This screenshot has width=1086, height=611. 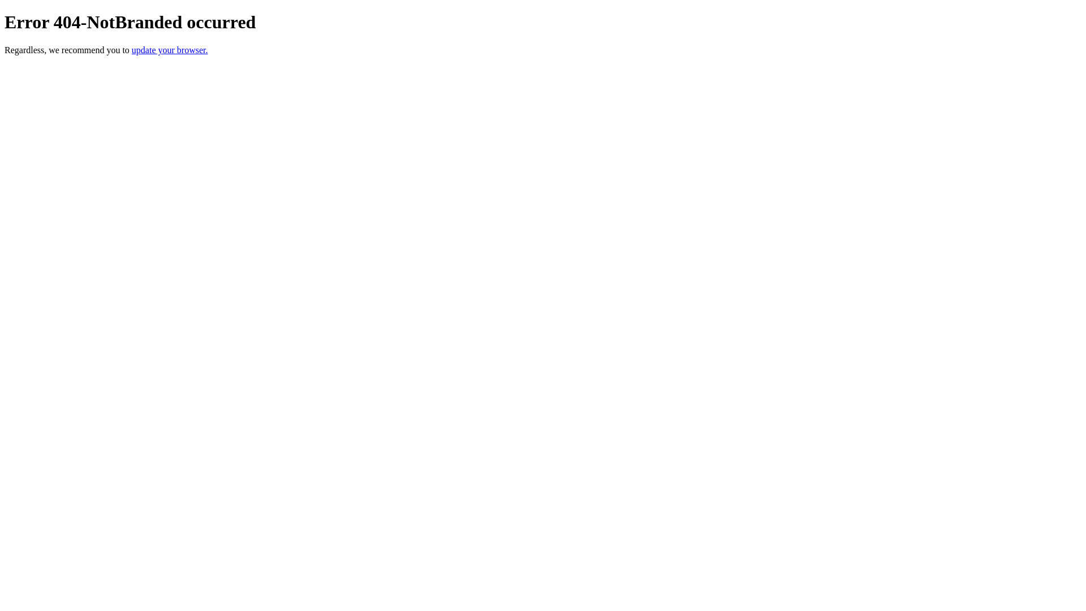 What do you see at coordinates (169, 49) in the screenshot?
I see `'update your browser.'` at bounding box center [169, 49].